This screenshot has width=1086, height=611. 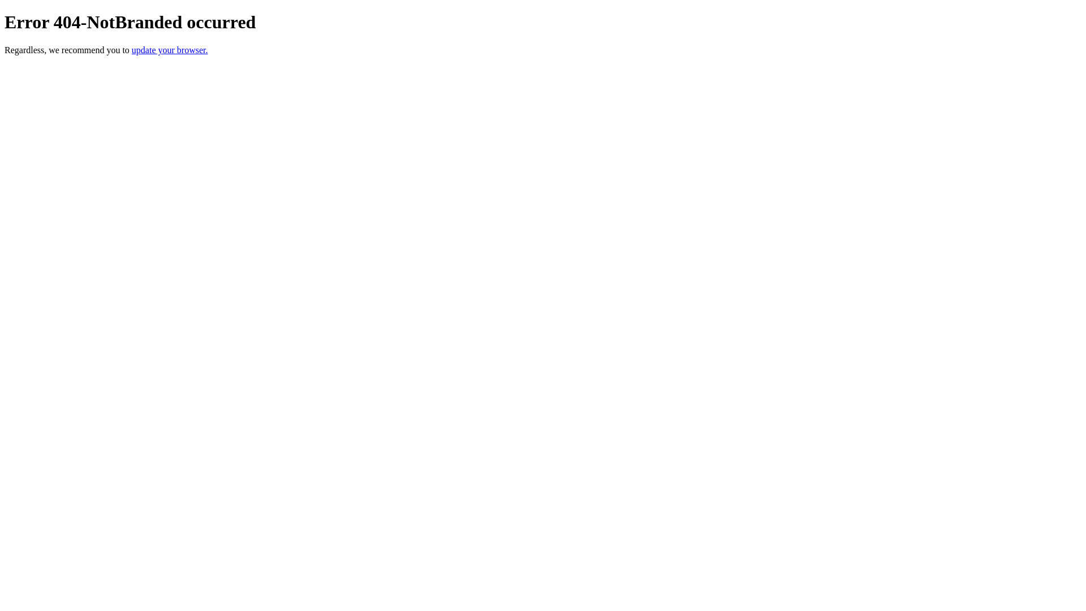 What do you see at coordinates (169, 49) in the screenshot?
I see `'update your browser.'` at bounding box center [169, 49].